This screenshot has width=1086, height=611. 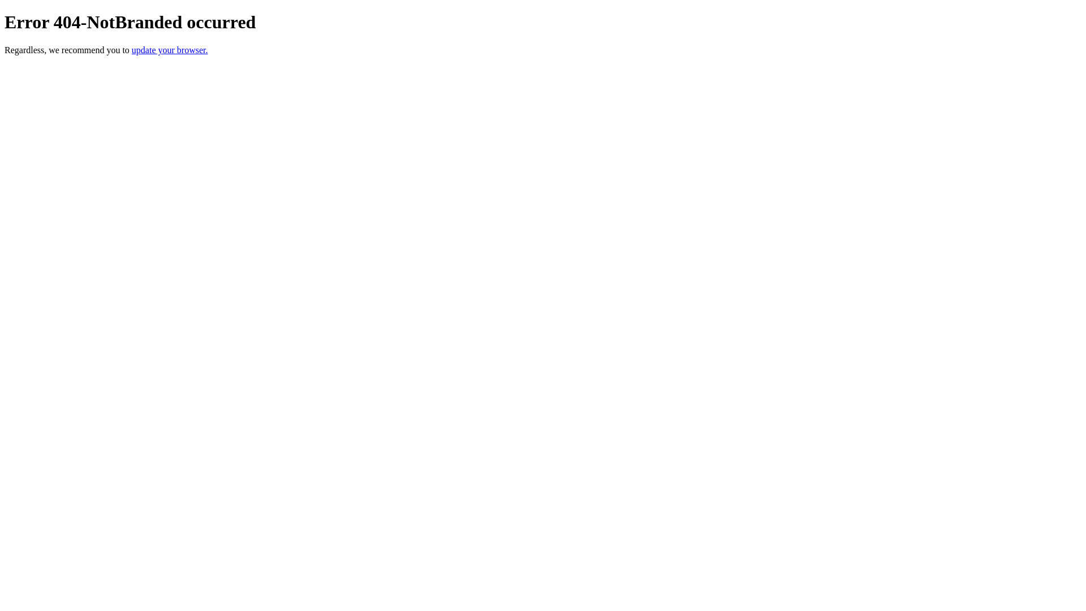 What do you see at coordinates (169, 49) in the screenshot?
I see `'update your browser.'` at bounding box center [169, 49].